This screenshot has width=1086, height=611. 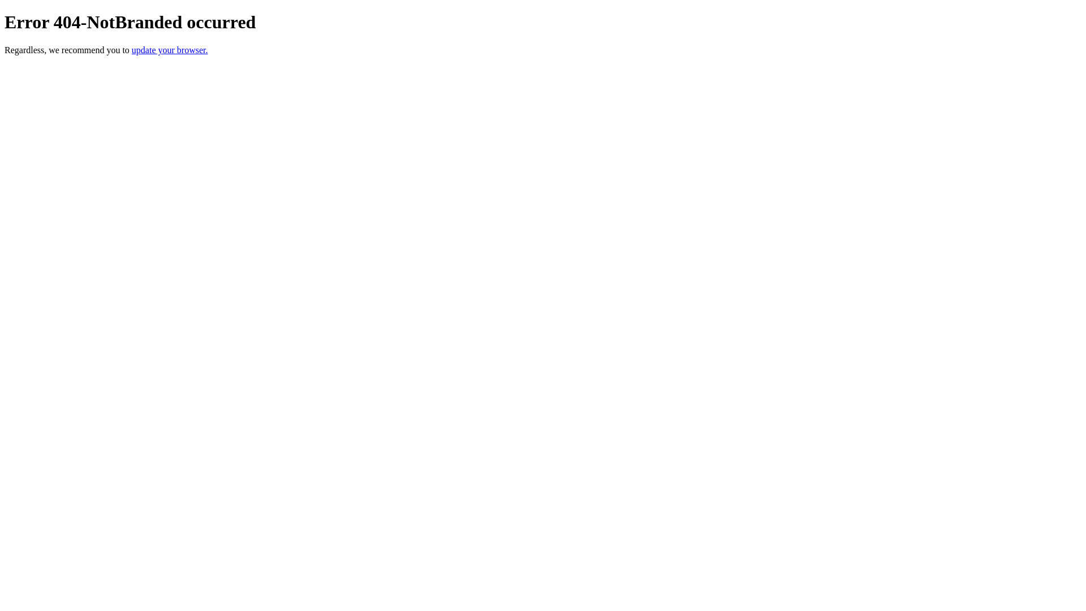 What do you see at coordinates (169, 49) in the screenshot?
I see `'update your browser.'` at bounding box center [169, 49].